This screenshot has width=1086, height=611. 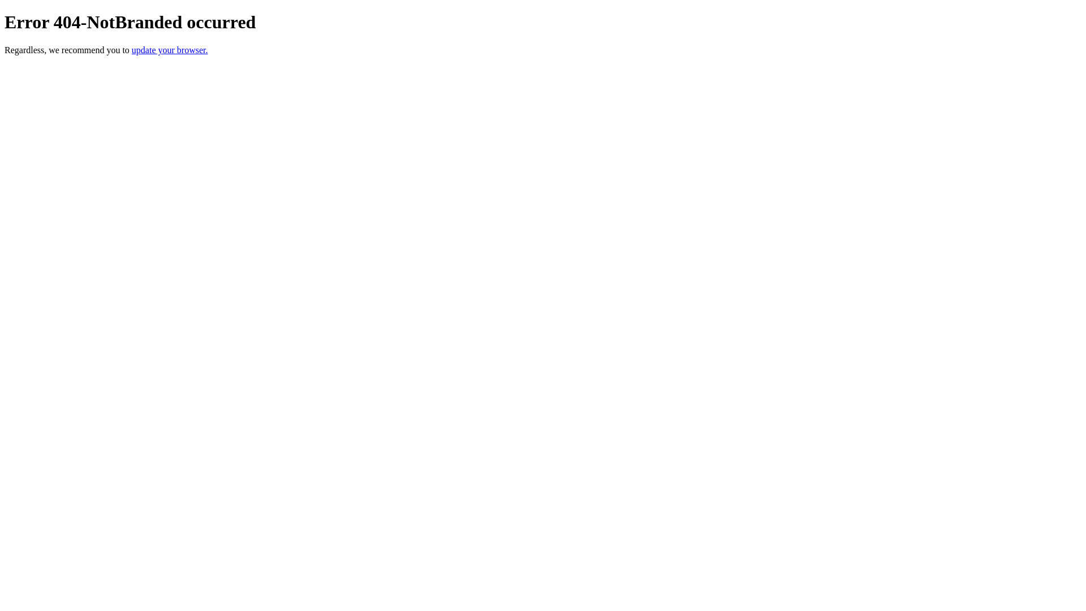 What do you see at coordinates (169, 49) in the screenshot?
I see `'update your browser.'` at bounding box center [169, 49].